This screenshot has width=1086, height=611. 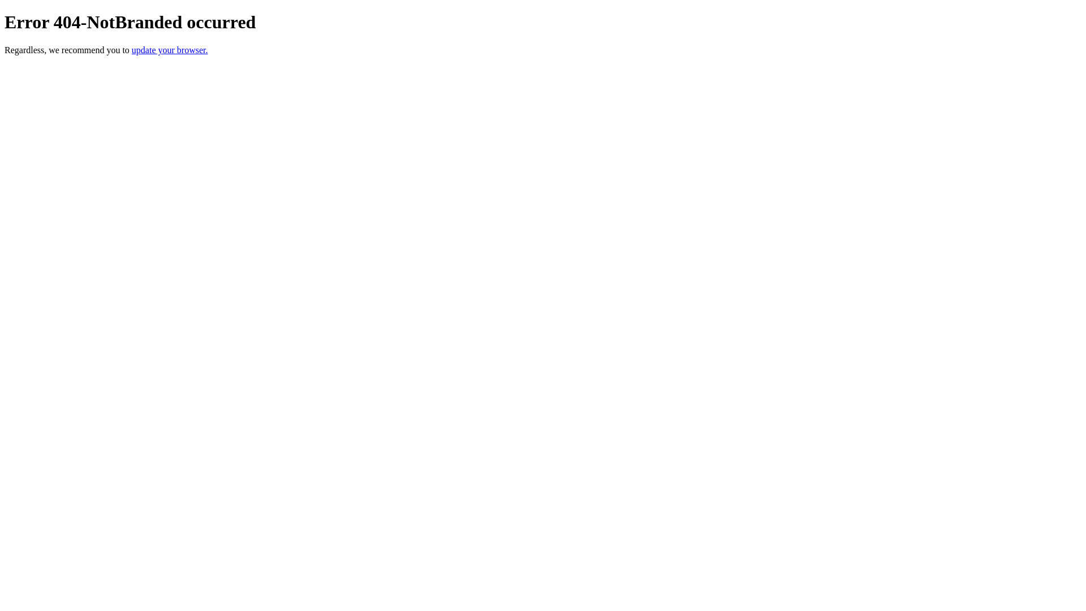 What do you see at coordinates (169, 49) in the screenshot?
I see `'update your browser.'` at bounding box center [169, 49].